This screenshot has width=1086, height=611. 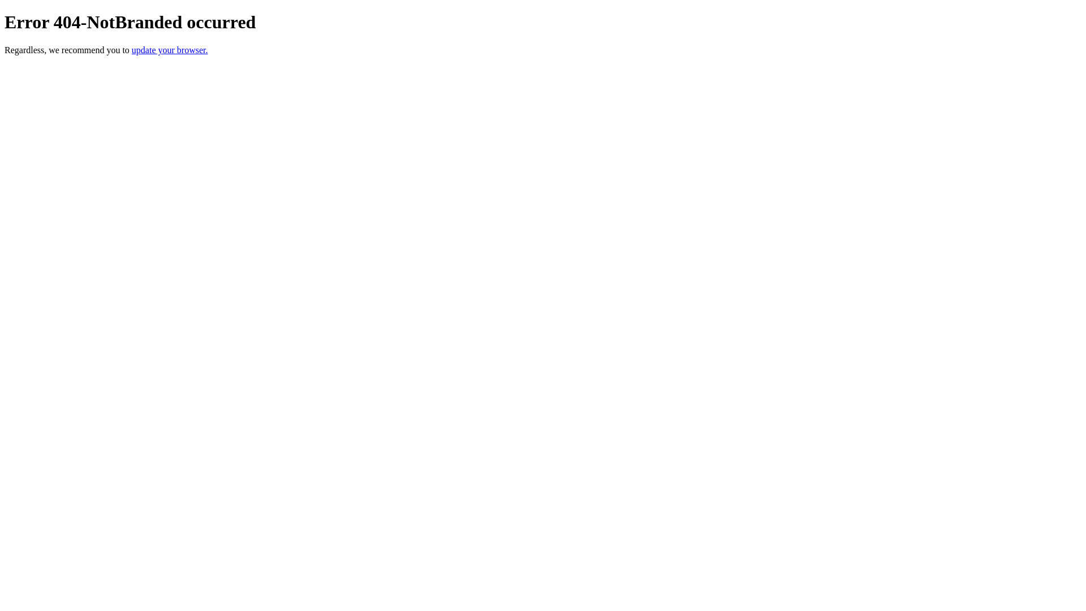 What do you see at coordinates (169, 49) in the screenshot?
I see `'update your browser.'` at bounding box center [169, 49].